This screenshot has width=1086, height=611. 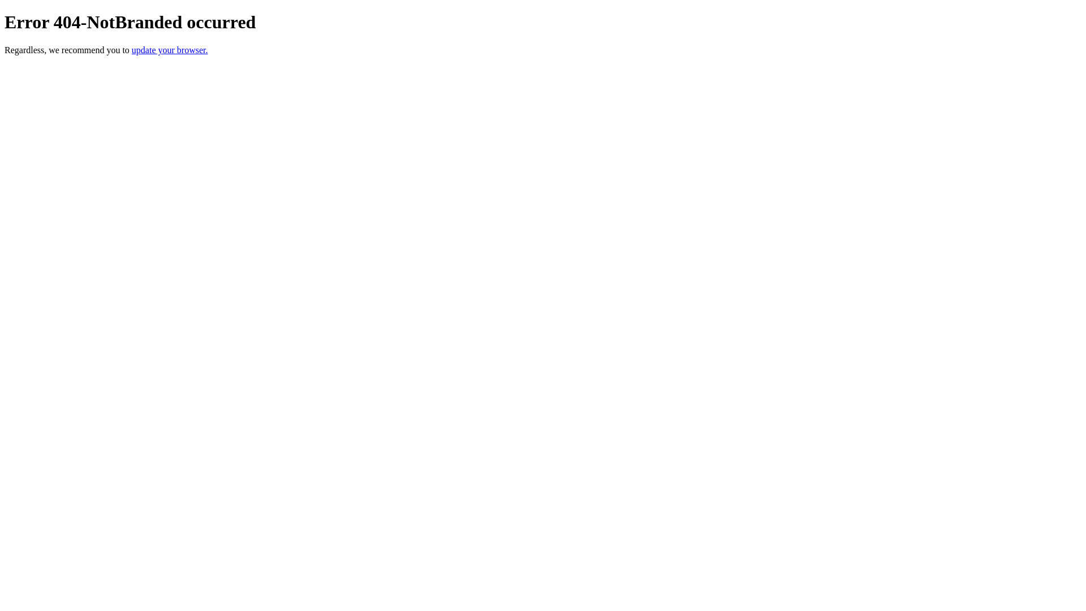 What do you see at coordinates (169, 49) in the screenshot?
I see `'update your browser.'` at bounding box center [169, 49].